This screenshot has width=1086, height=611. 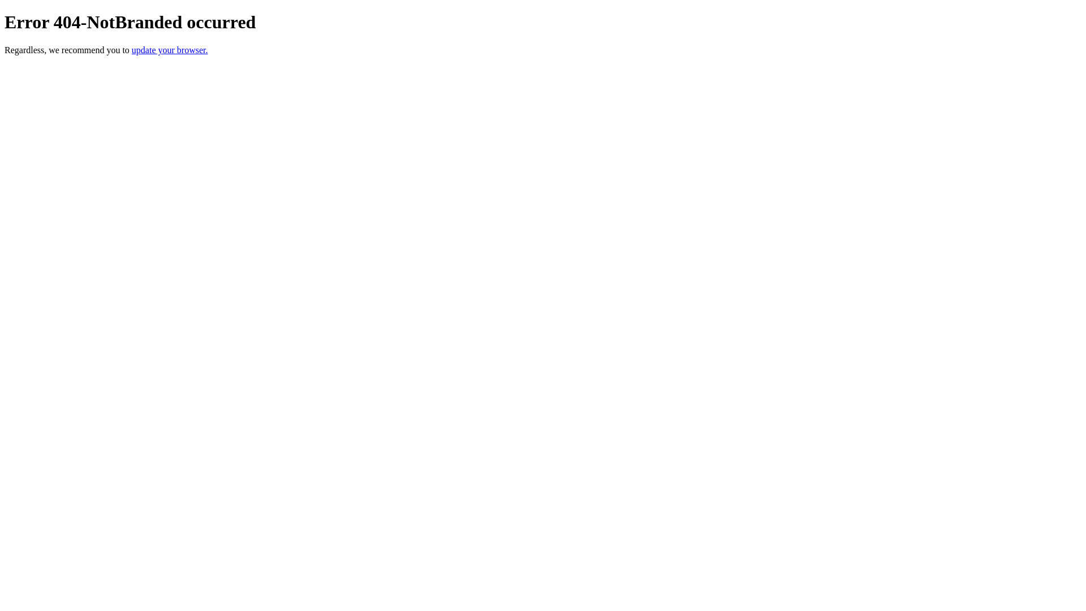 What do you see at coordinates (169, 49) in the screenshot?
I see `'update your browser.'` at bounding box center [169, 49].